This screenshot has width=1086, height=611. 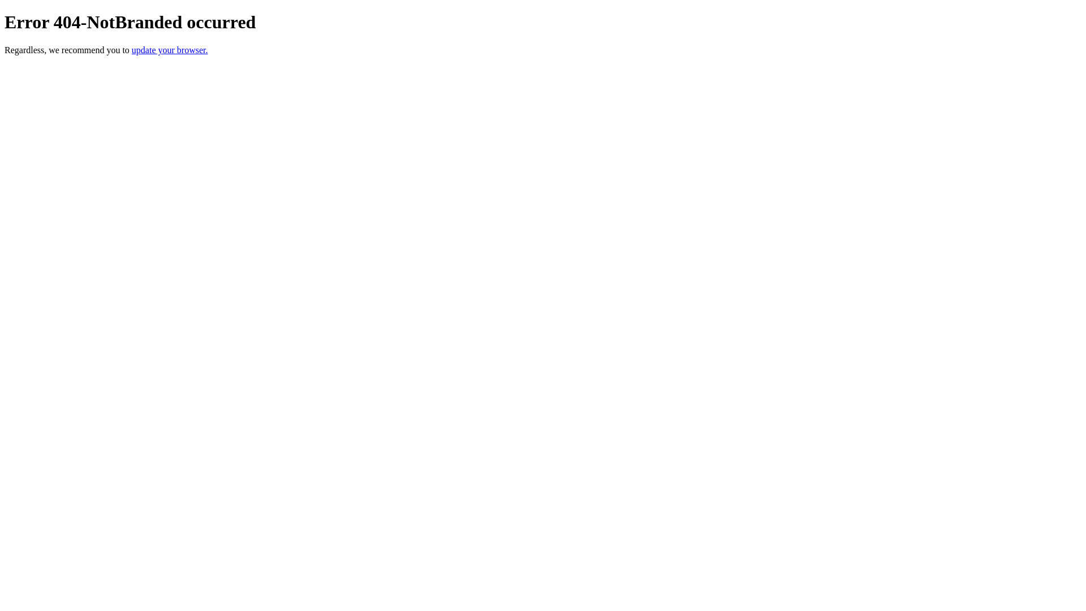 What do you see at coordinates (169, 49) in the screenshot?
I see `'update your browser.'` at bounding box center [169, 49].